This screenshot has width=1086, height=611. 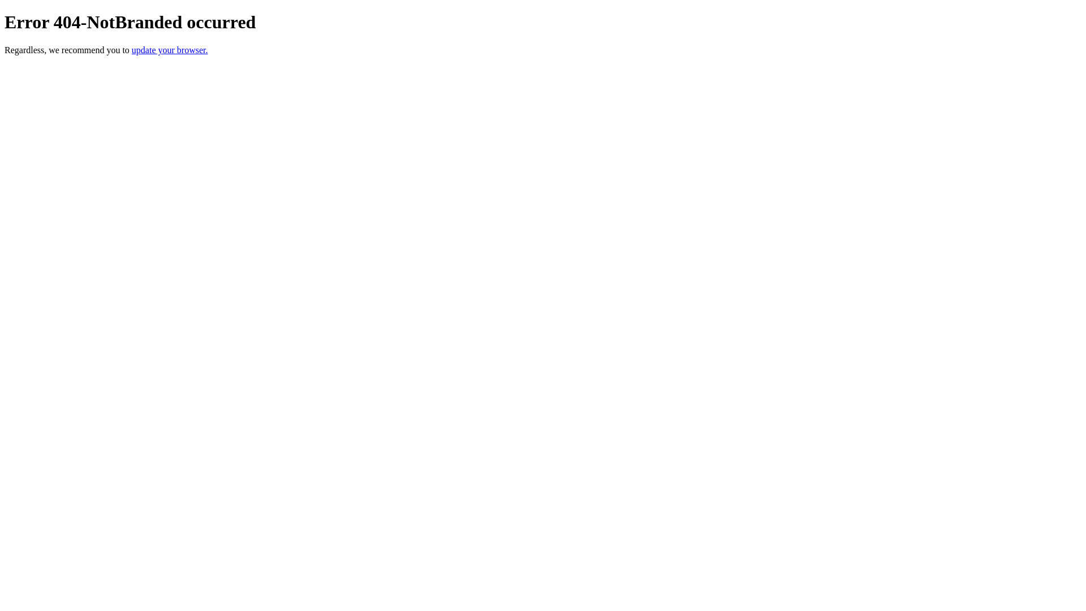 What do you see at coordinates (169, 49) in the screenshot?
I see `'update your browser.'` at bounding box center [169, 49].